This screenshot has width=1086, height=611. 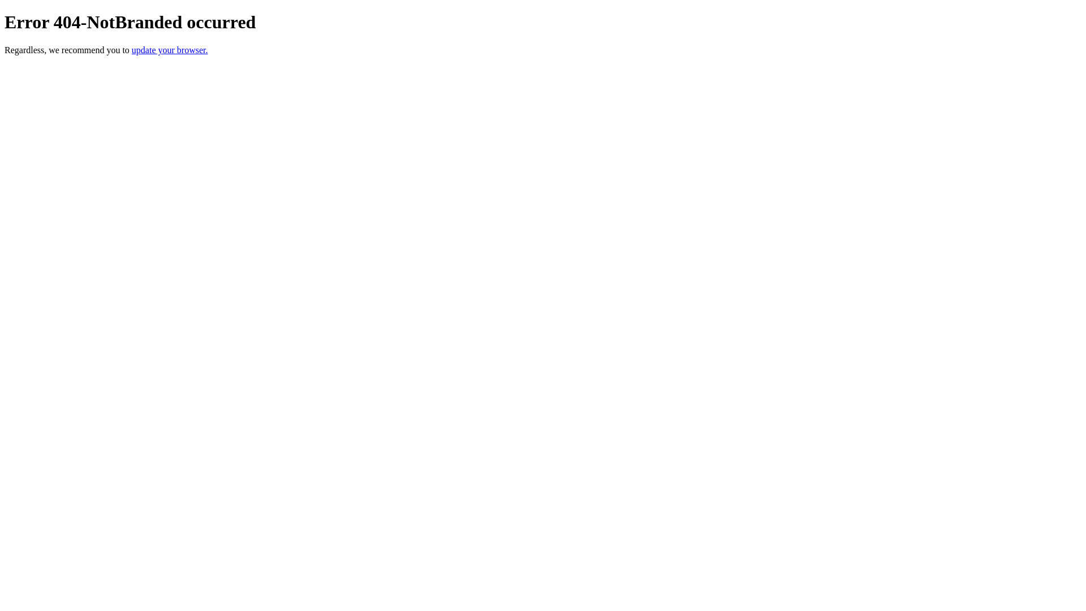 What do you see at coordinates (169, 49) in the screenshot?
I see `'update your browser.'` at bounding box center [169, 49].